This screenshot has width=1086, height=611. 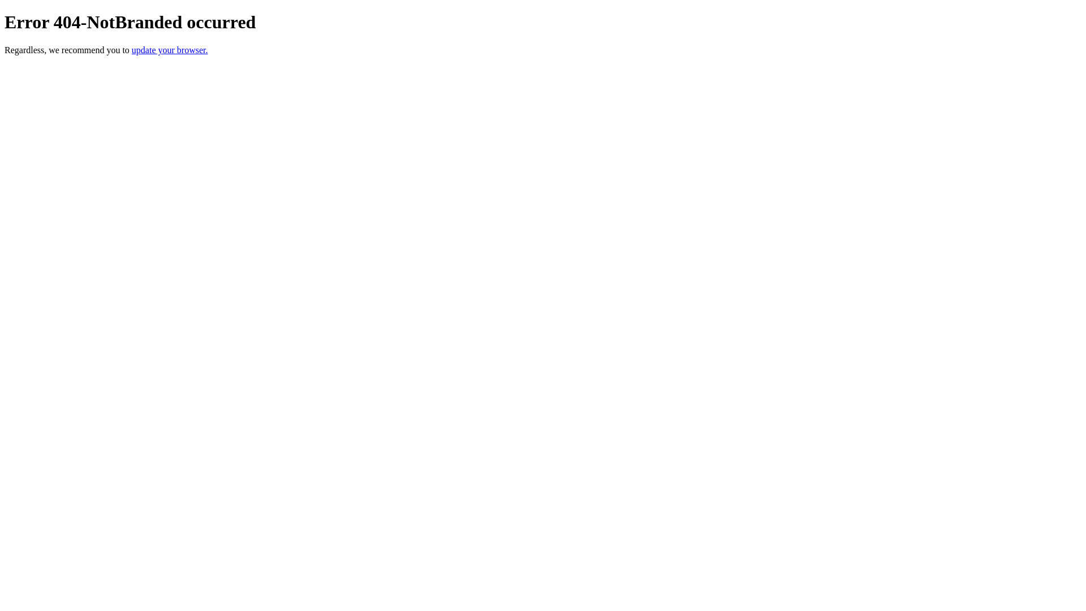 What do you see at coordinates (169, 49) in the screenshot?
I see `'update your browser.'` at bounding box center [169, 49].